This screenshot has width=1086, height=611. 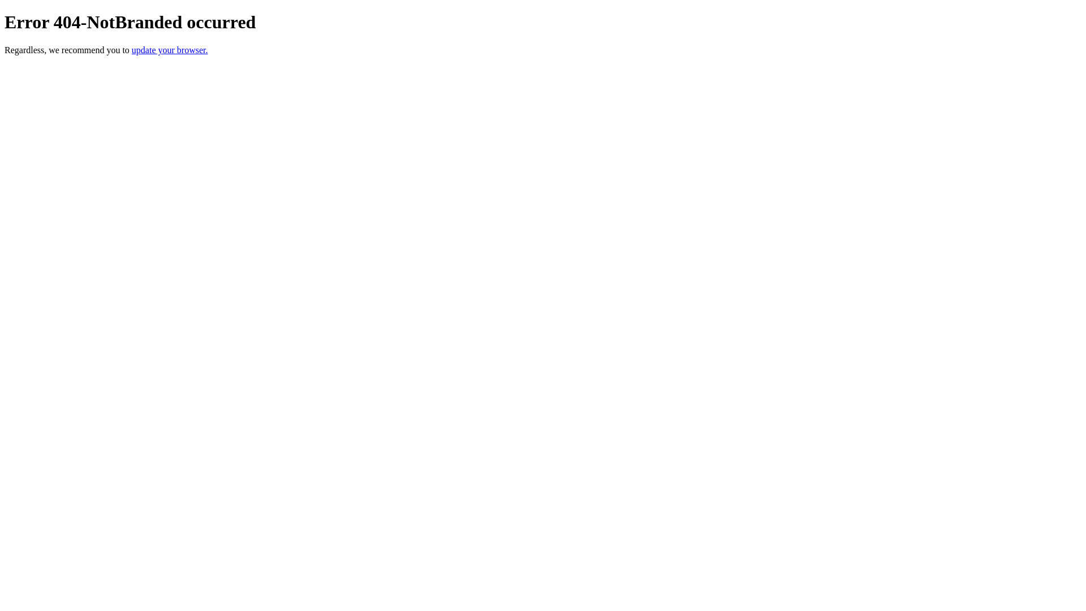 What do you see at coordinates (169, 49) in the screenshot?
I see `'update your browser.'` at bounding box center [169, 49].